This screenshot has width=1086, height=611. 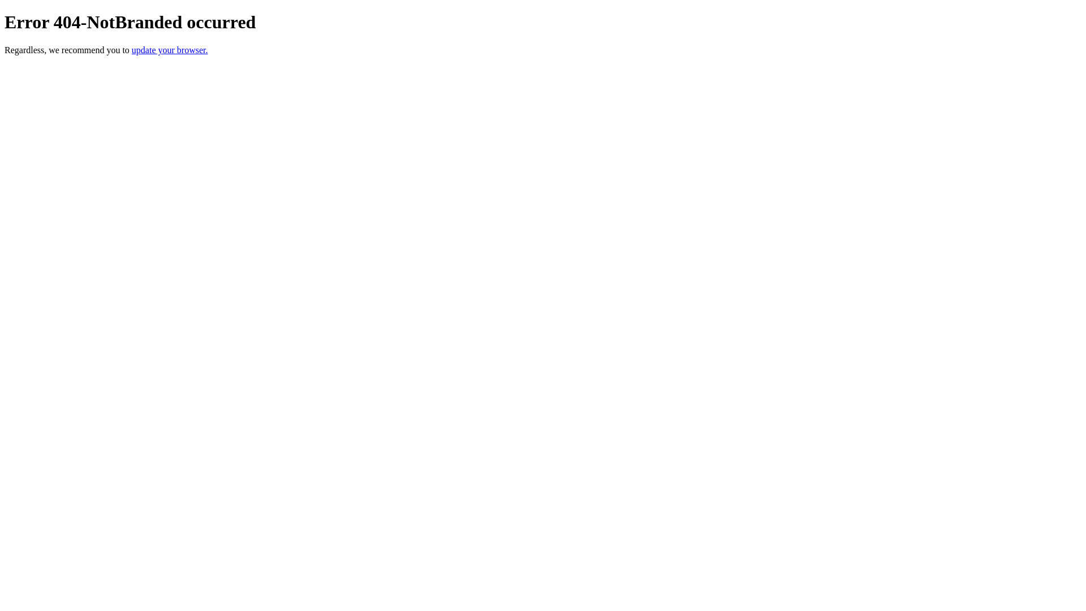 What do you see at coordinates (169, 49) in the screenshot?
I see `'update your browser.'` at bounding box center [169, 49].